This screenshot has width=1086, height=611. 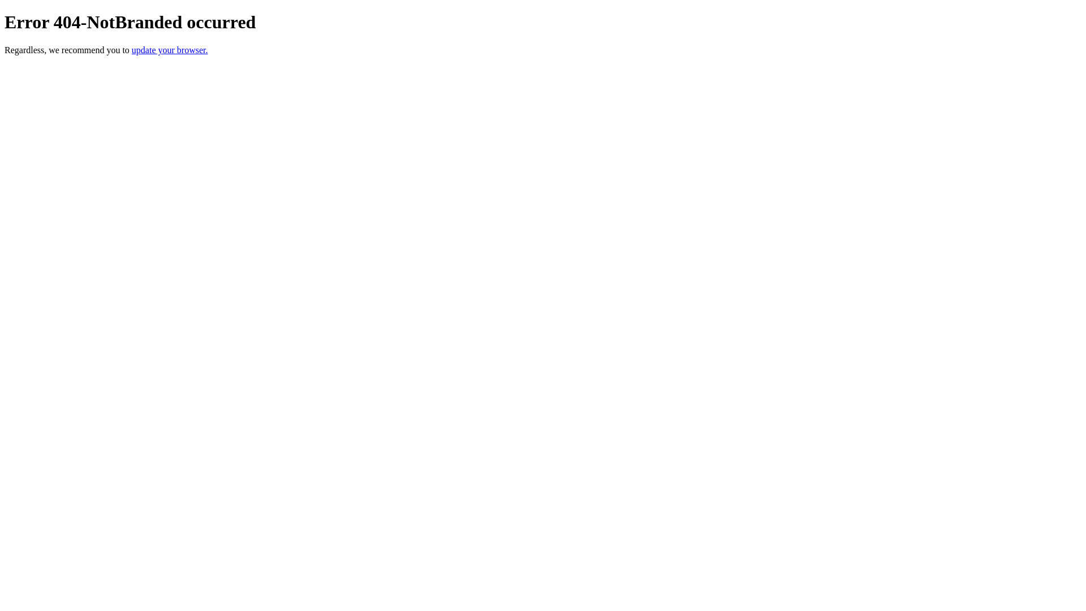 What do you see at coordinates (169, 49) in the screenshot?
I see `'update your browser.'` at bounding box center [169, 49].